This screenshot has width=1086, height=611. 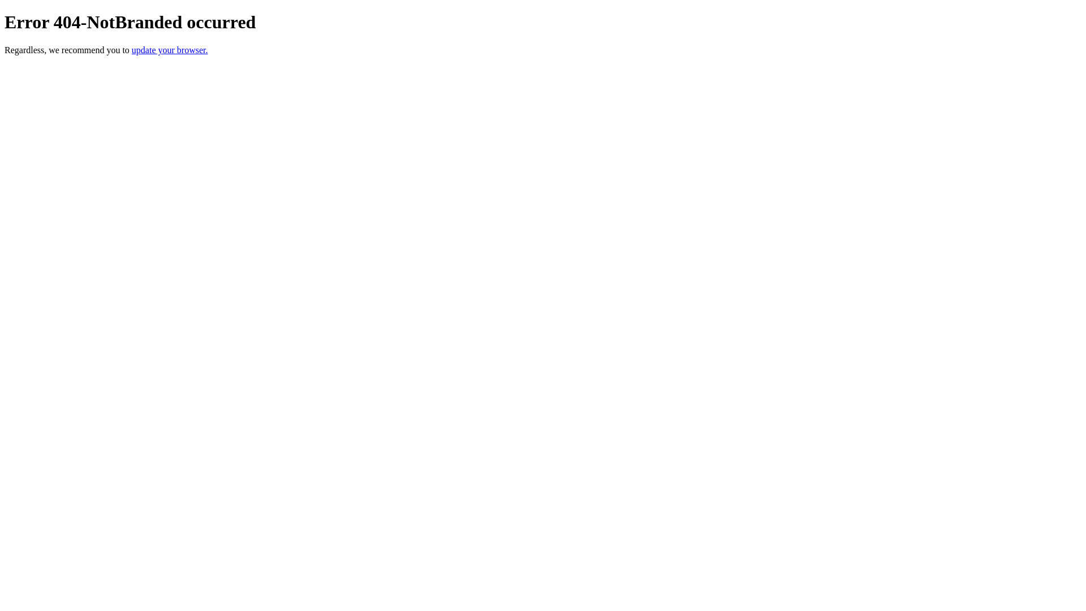 What do you see at coordinates (169, 49) in the screenshot?
I see `'update your browser.'` at bounding box center [169, 49].